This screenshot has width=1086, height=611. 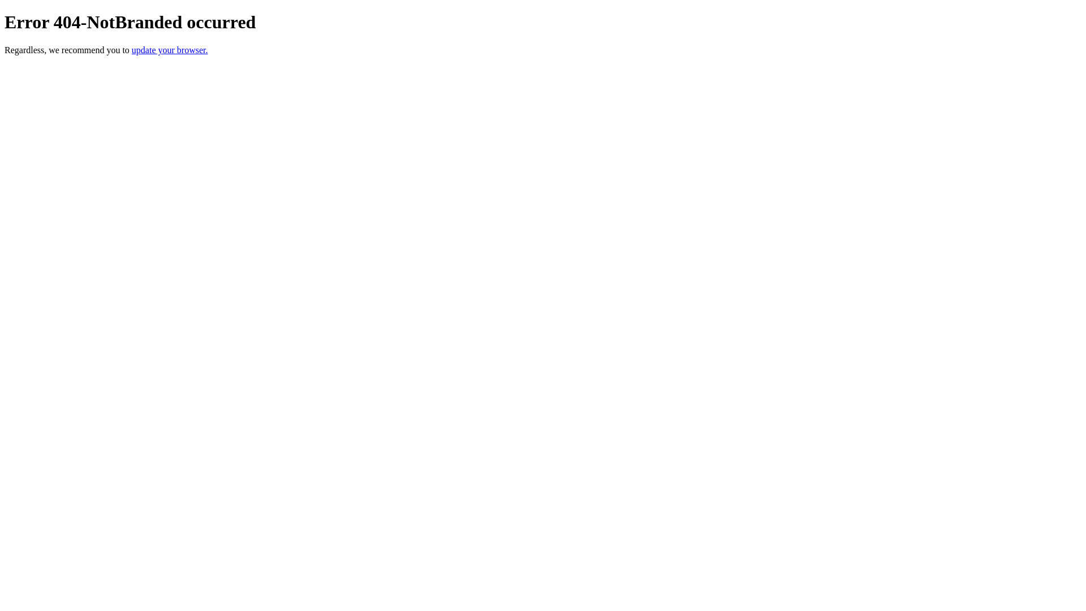 What do you see at coordinates (169, 49) in the screenshot?
I see `'update your browser.'` at bounding box center [169, 49].